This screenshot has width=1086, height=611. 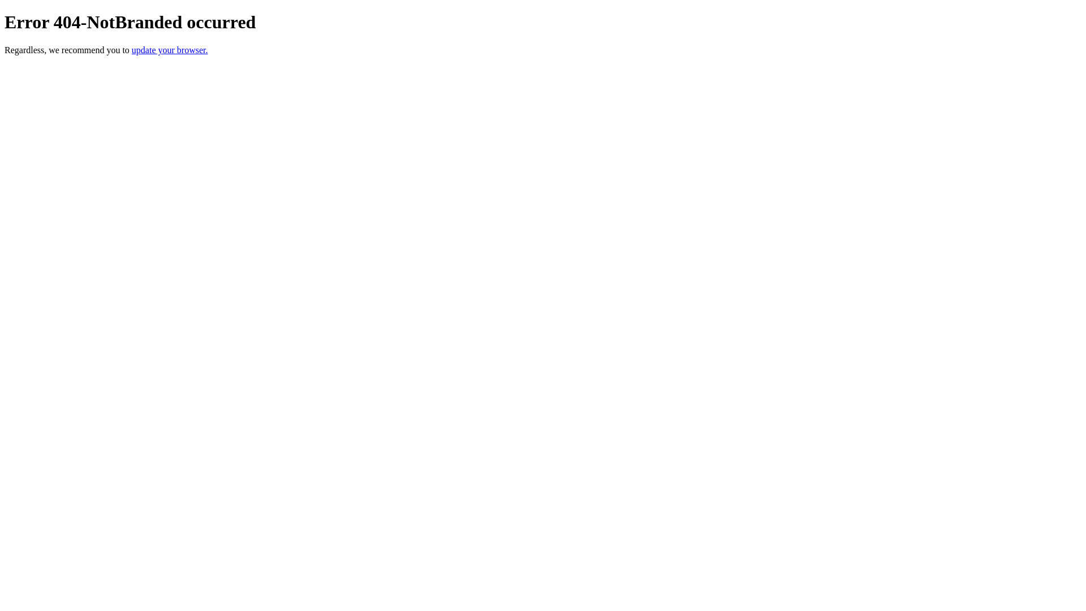 What do you see at coordinates (169, 49) in the screenshot?
I see `'update your browser.'` at bounding box center [169, 49].